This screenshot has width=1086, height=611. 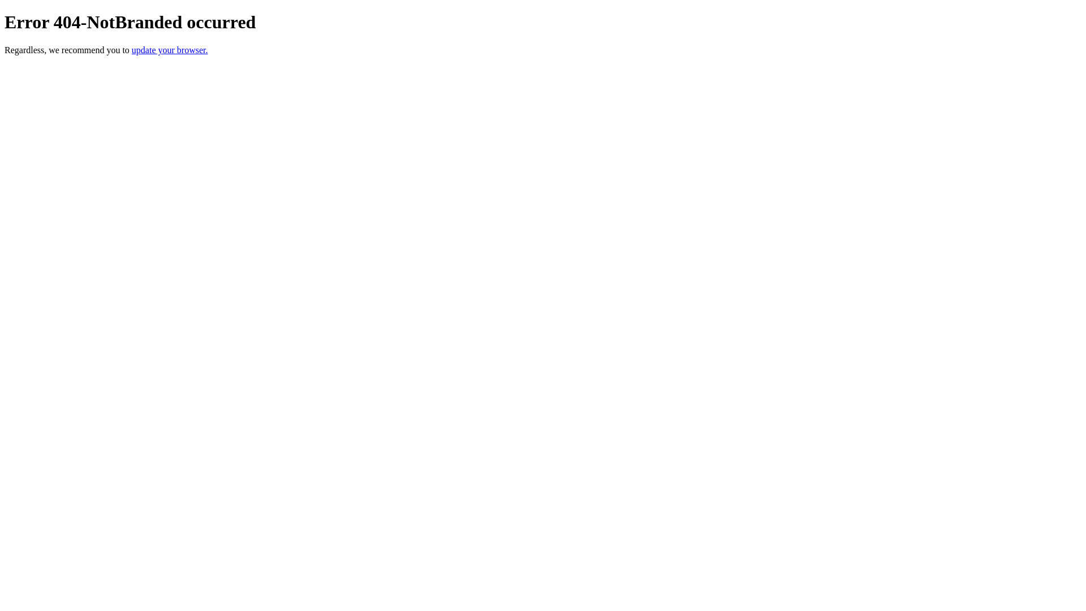 What do you see at coordinates (169, 49) in the screenshot?
I see `'update your browser.'` at bounding box center [169, 49].